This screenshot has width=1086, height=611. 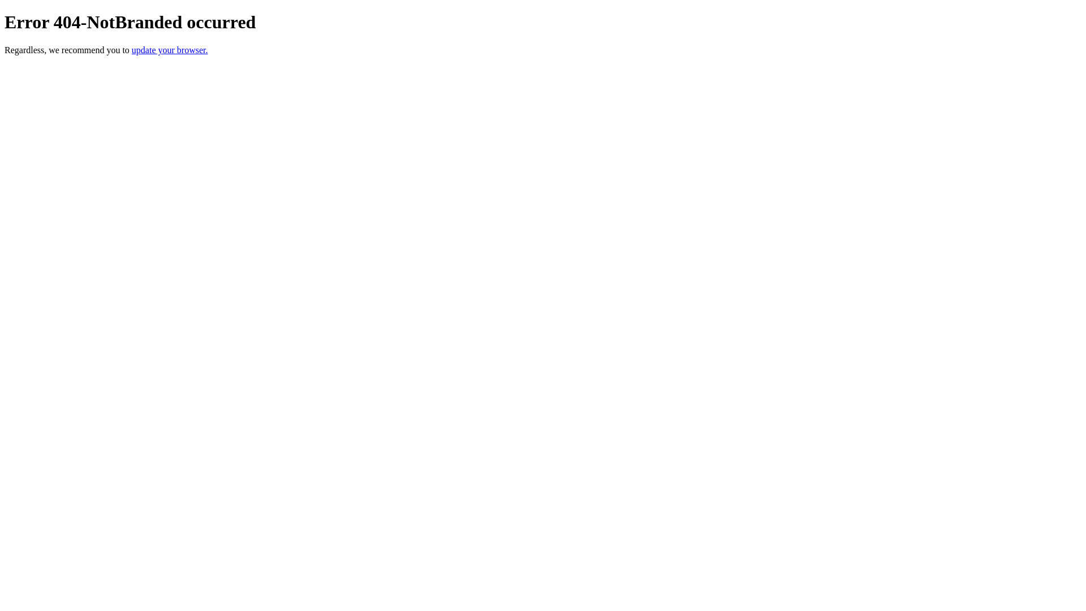 What do you see at coordinates (169, 49) in the screenshot?
I see `'update your browser.'` at bounding box center [169, 49].